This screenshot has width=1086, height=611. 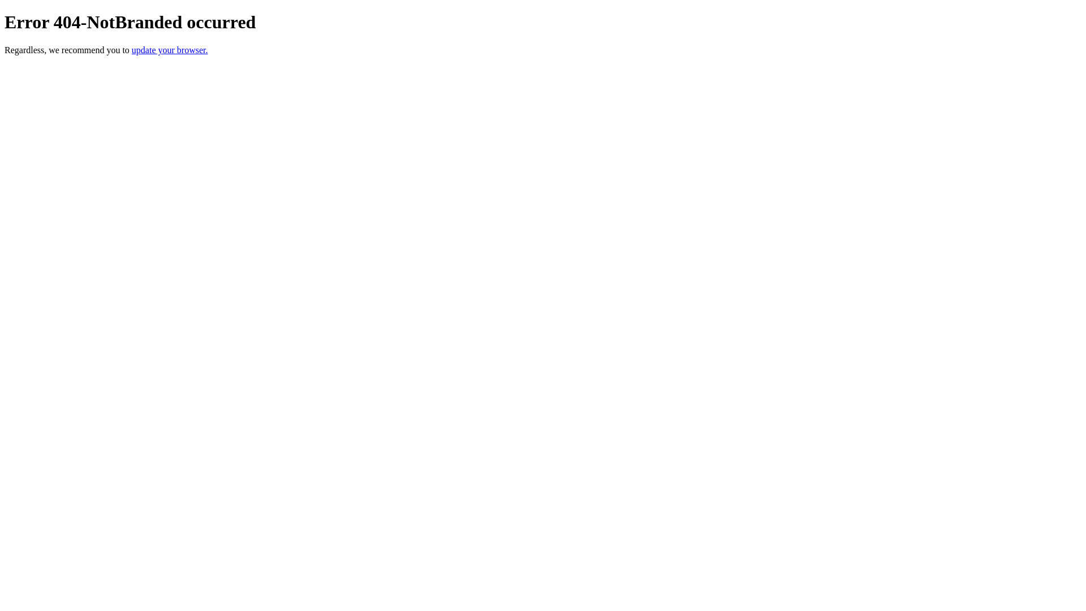 What do you see at coordinates (169, 49) in the screenshot?
I see `'update your browser.'` at bounding box center [169, 49].